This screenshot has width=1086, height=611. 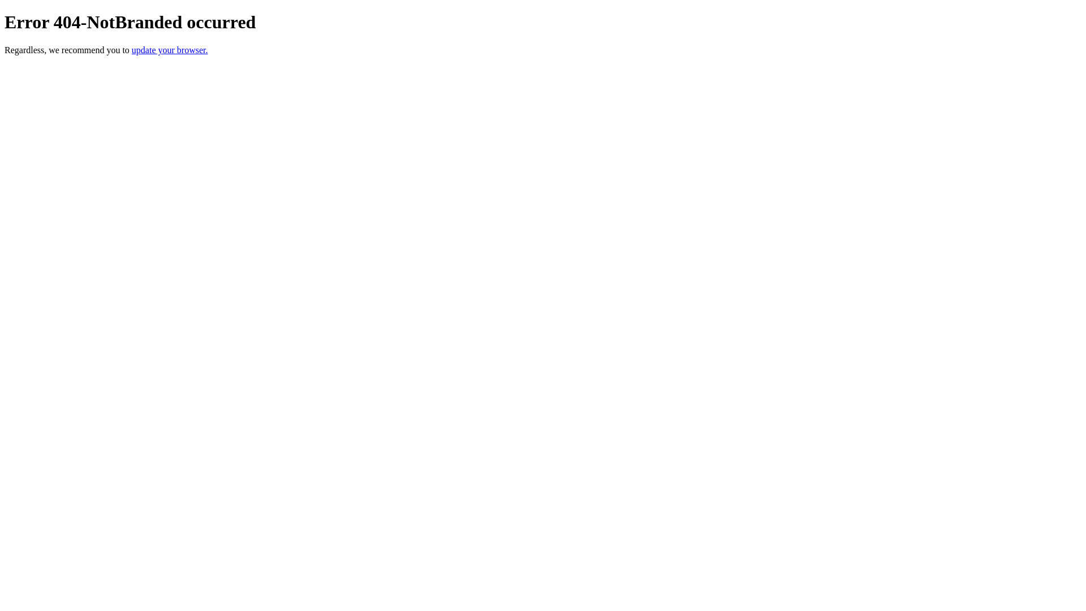 What do you see at coordinates (169, 49) in the screenshot?
I see `'update your browser.'` at bounding box center [169, 49].